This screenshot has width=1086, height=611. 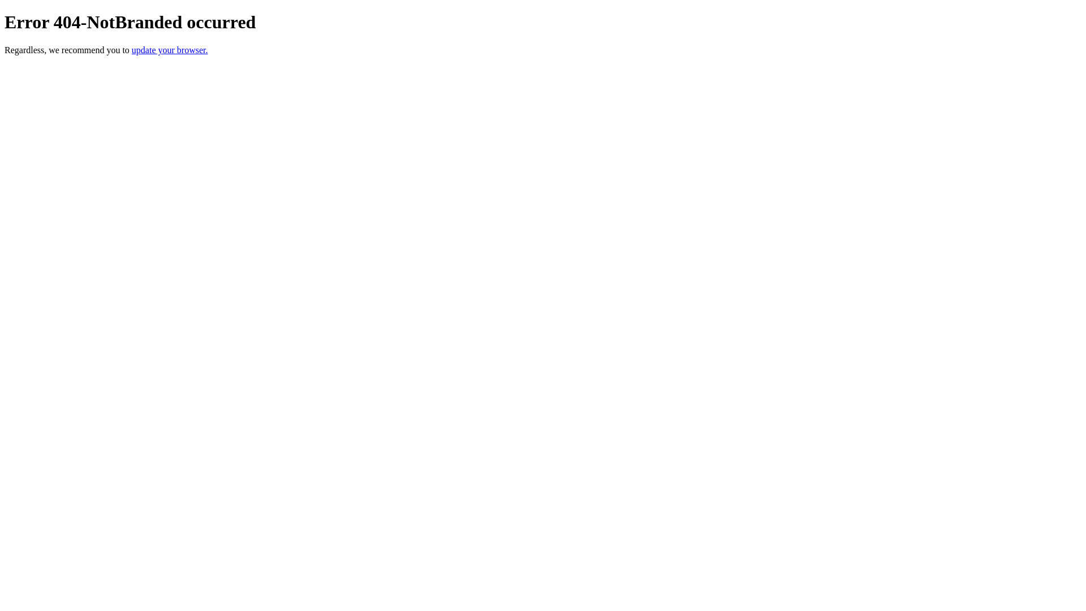 What do you see at coordinates (169, 49) in the screenshot?
I see `'update your browser.'` at bounding box center [169, 49].